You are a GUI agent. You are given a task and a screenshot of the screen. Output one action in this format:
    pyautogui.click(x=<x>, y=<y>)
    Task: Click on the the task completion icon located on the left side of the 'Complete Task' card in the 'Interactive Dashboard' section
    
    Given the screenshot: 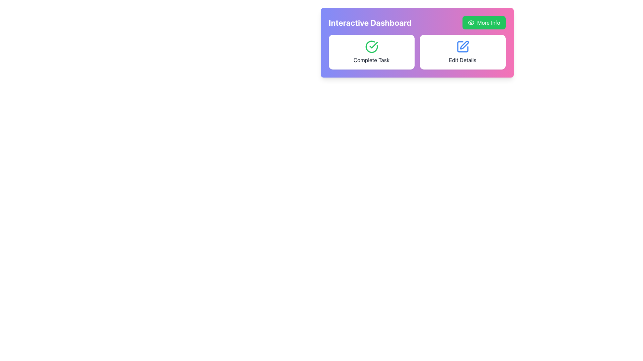 What is the action you would take?
    pyautogui.click(x=371, y=46)
    